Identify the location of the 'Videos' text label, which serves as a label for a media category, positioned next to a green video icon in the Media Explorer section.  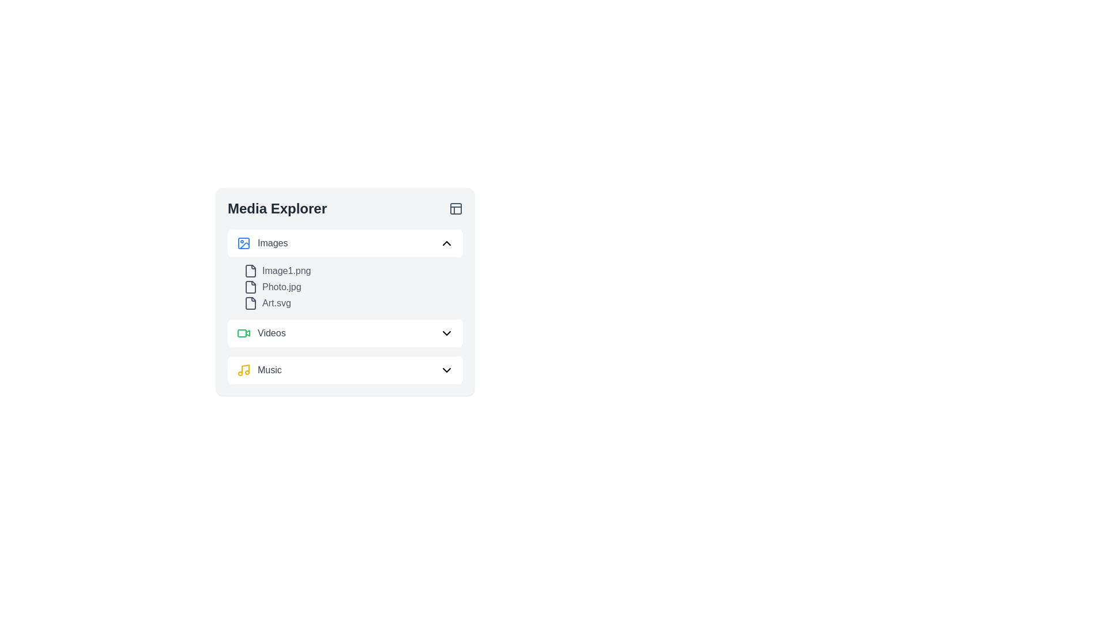
(271, 333).